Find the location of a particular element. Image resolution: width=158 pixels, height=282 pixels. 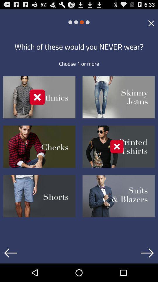

the arrow_forward icon is located at coordinates (147, 271).